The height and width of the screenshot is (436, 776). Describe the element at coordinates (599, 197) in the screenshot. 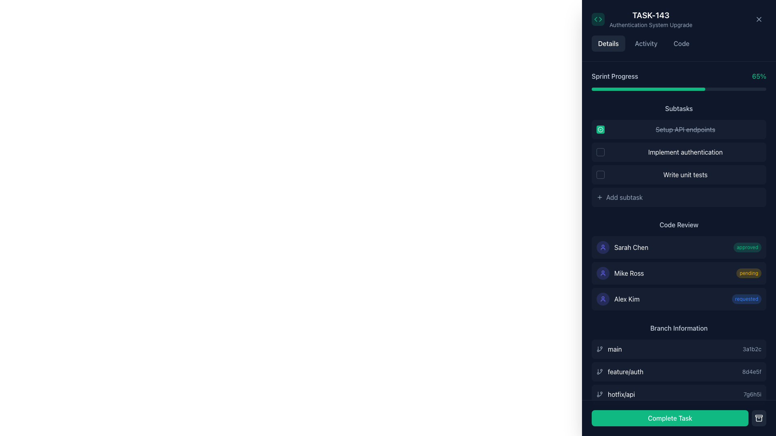

I see `the button icon located to the left of the 'Add subtask' button` at that location.